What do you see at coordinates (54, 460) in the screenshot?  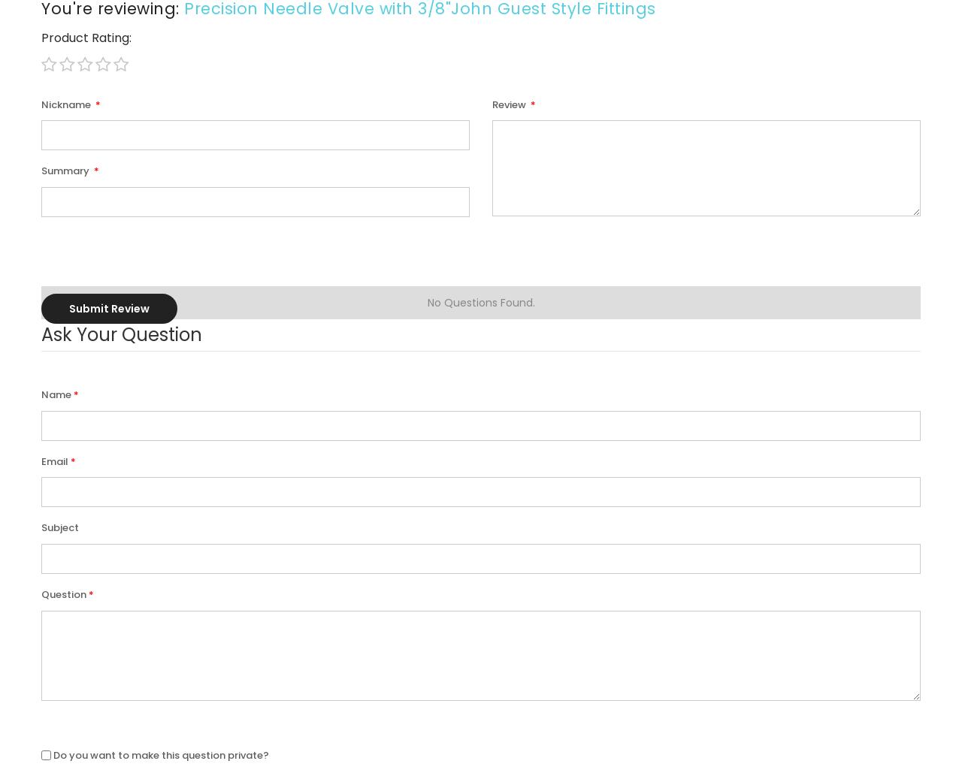 I see `'Email'` at bounding box center [54, 460].